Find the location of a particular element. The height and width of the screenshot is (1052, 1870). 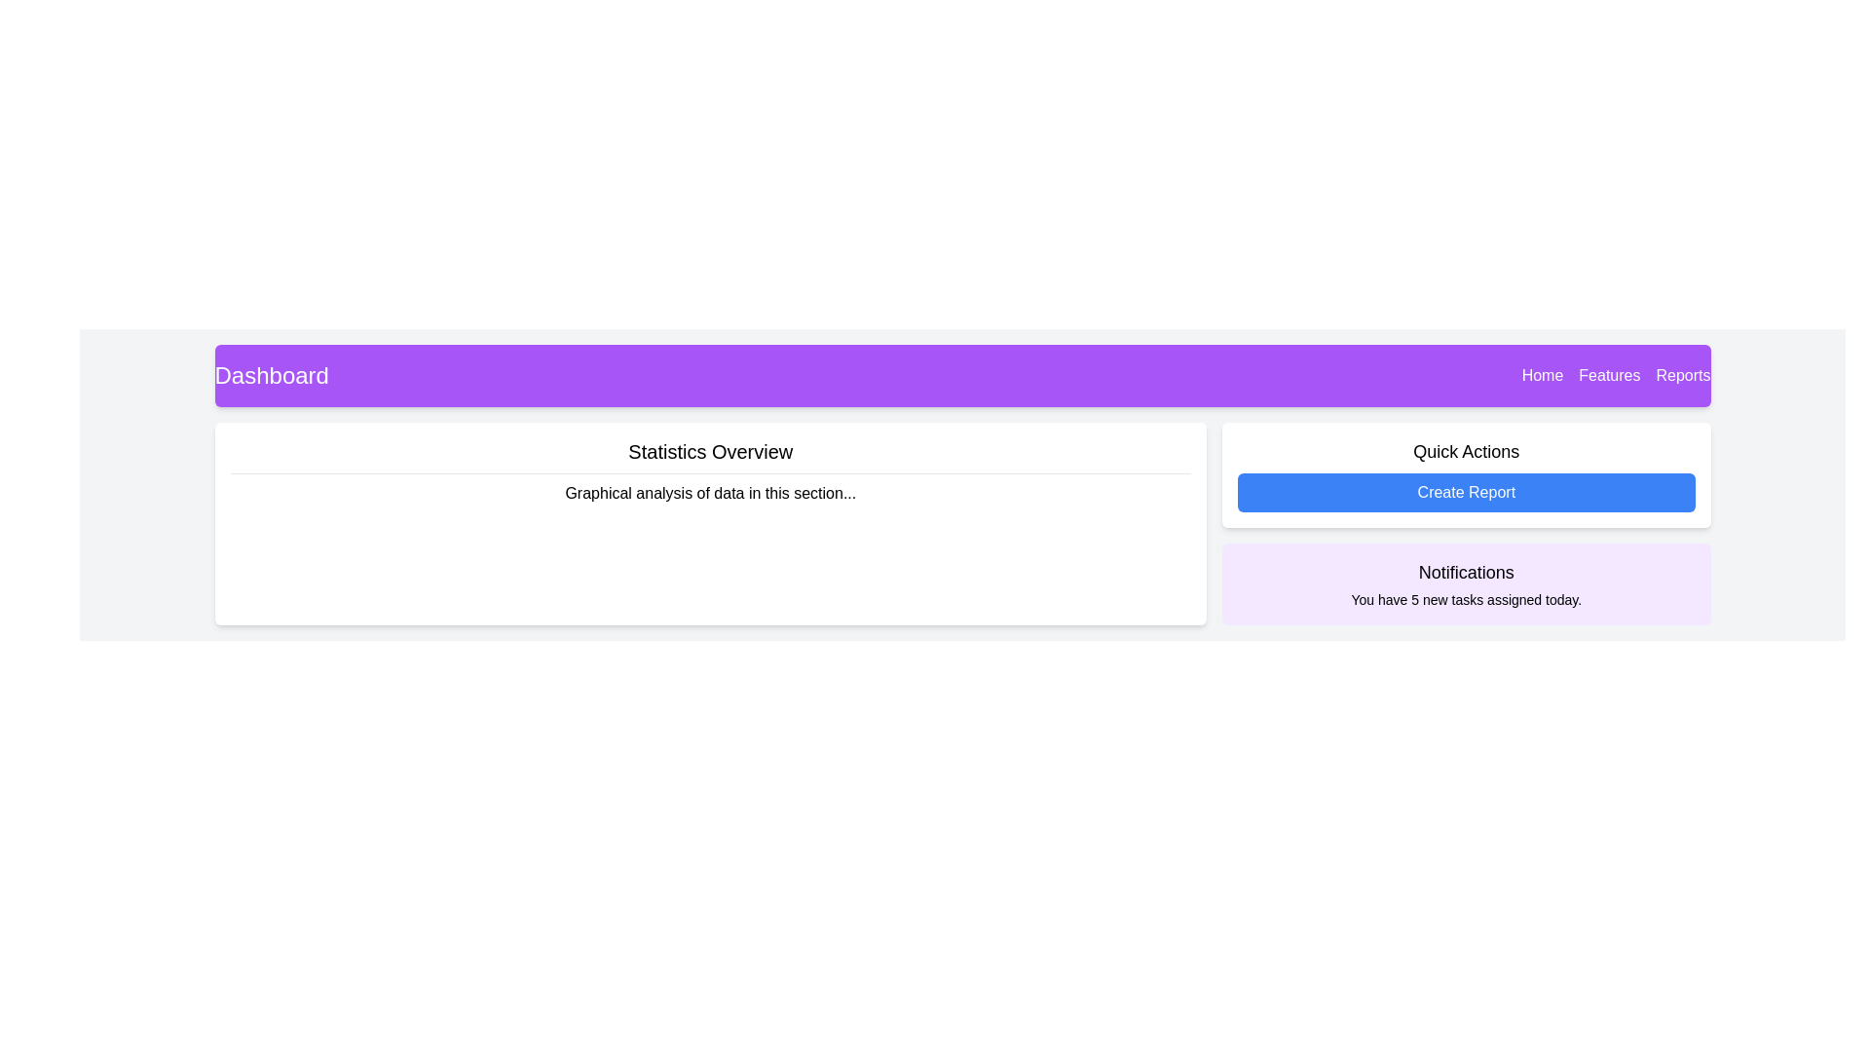

the navigation link labeled 'Home' which is the first item in the horizontal menu on the purple background is located at coordinates (1542, 375).